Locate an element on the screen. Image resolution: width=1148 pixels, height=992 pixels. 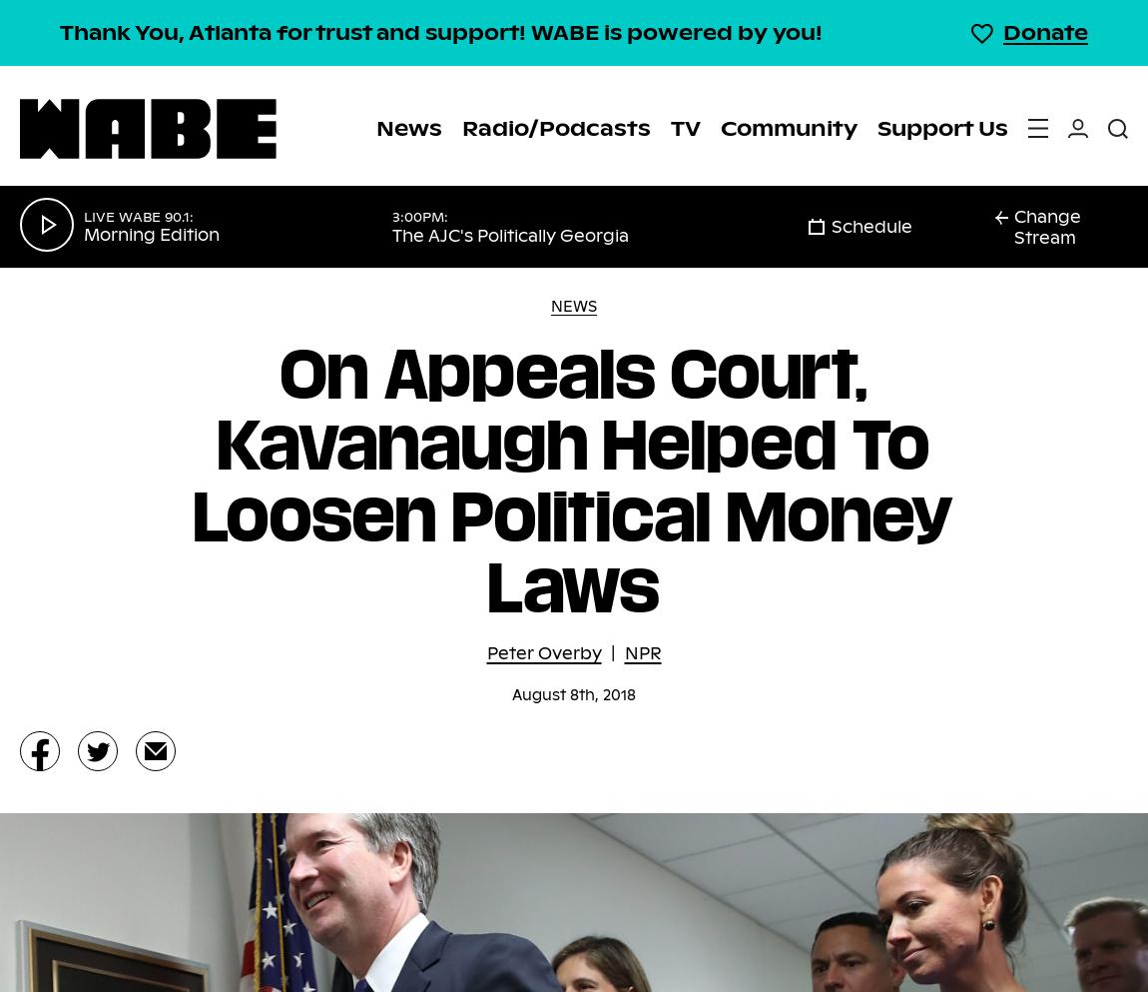
'Change Stream' is located at coordinates (1047, 226).